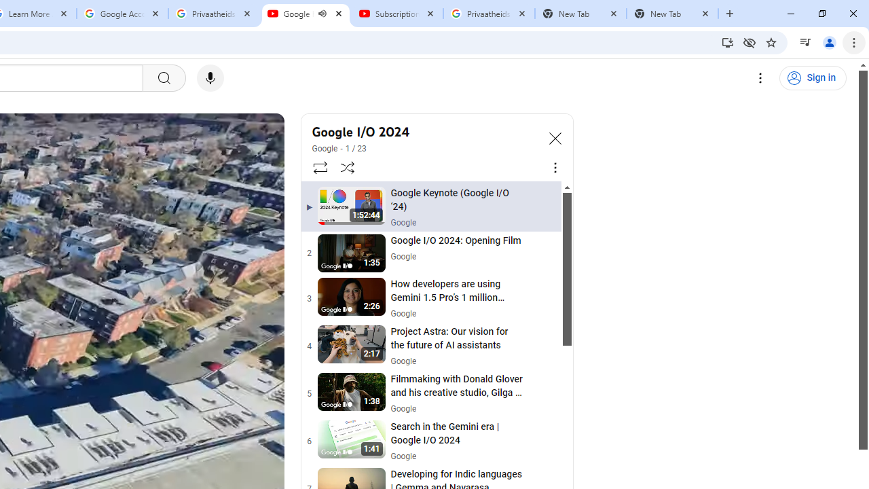 The height and width of the screenshot is (489, 869). I want to click on 'Subscriptions - YouTube', so click(396, 14).